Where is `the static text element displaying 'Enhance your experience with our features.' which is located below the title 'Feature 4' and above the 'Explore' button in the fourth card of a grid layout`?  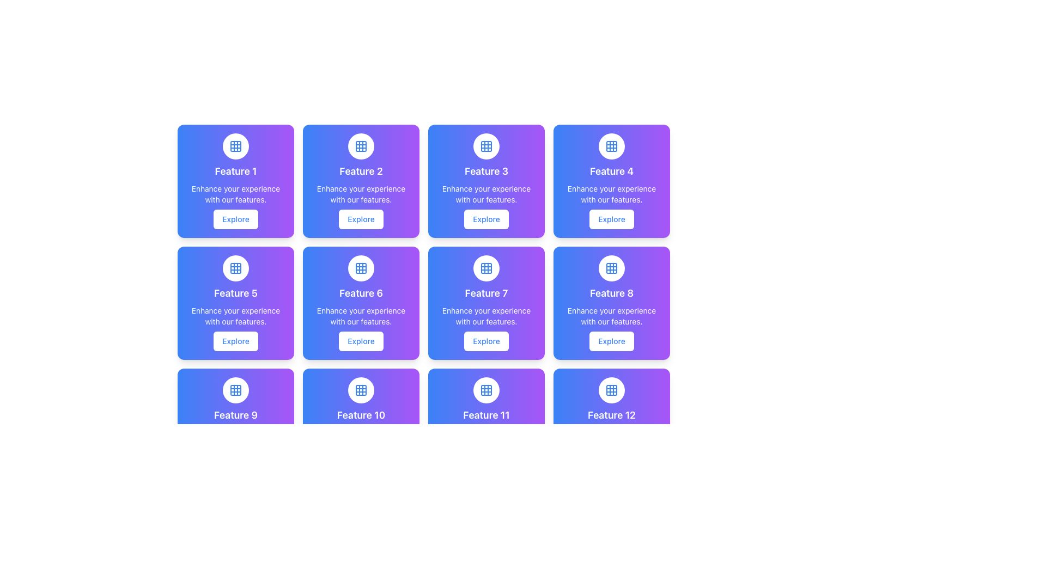
the static text element displaying 'Enhance your experience with our features.' which is located below the title 'Feature 4' and above the 'Explore' button in the fourth card of a grid layout is located at coordinates (612, 194).